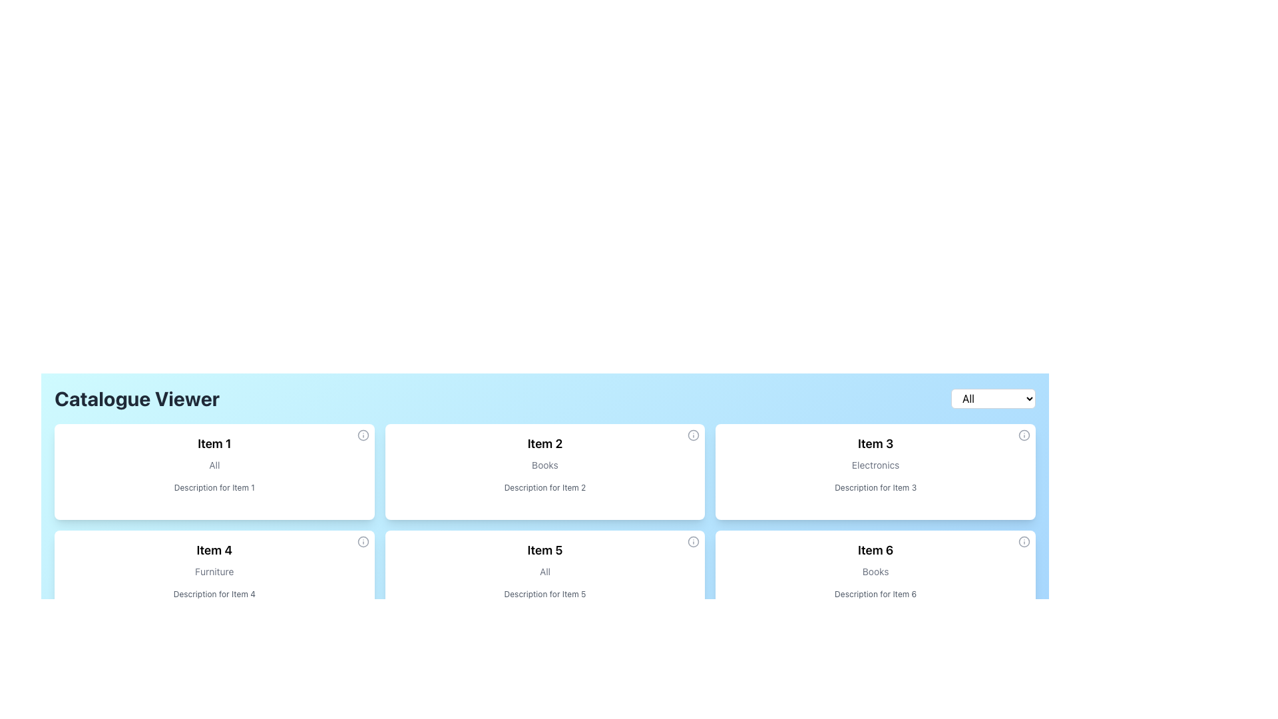  What do you see at coordinates (1024, 541) in the screenshot?
I see `the circular 'info' icon located in the bottom-right corner of the grid item labeled 'Item 6'` at bounding box center [1024, 541].